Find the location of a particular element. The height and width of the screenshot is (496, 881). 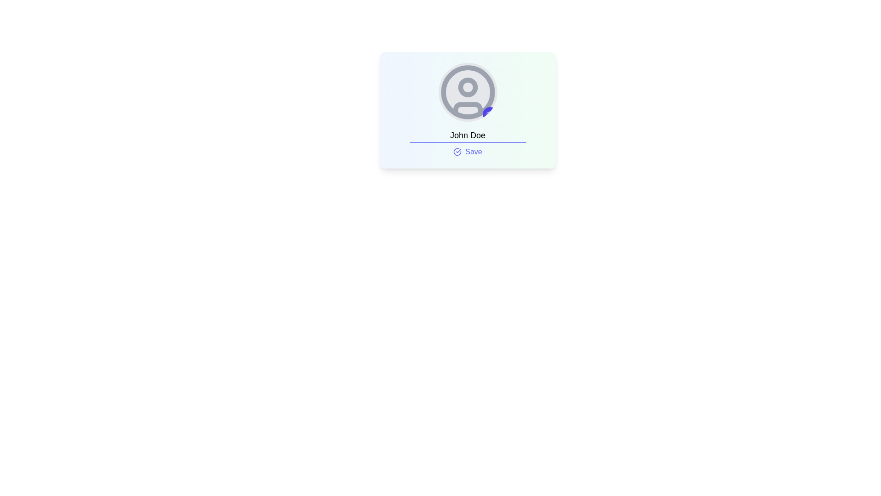

the text input field that allows users to edit or update the displayed text, which is currently set to 'John Doe', located just above the 'Save' button is located at coordinates (468, 136).